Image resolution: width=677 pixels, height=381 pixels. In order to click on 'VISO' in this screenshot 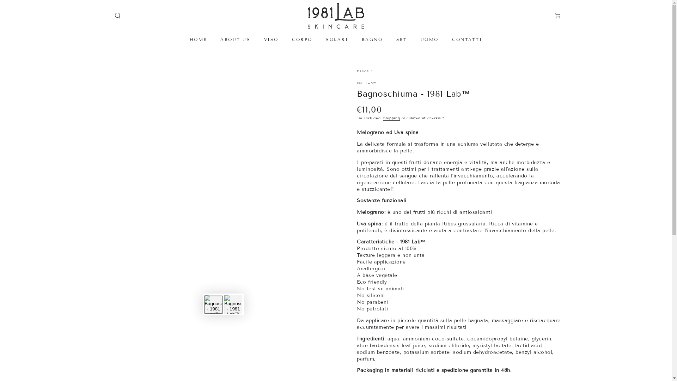, I will do `click(271, 39)`.